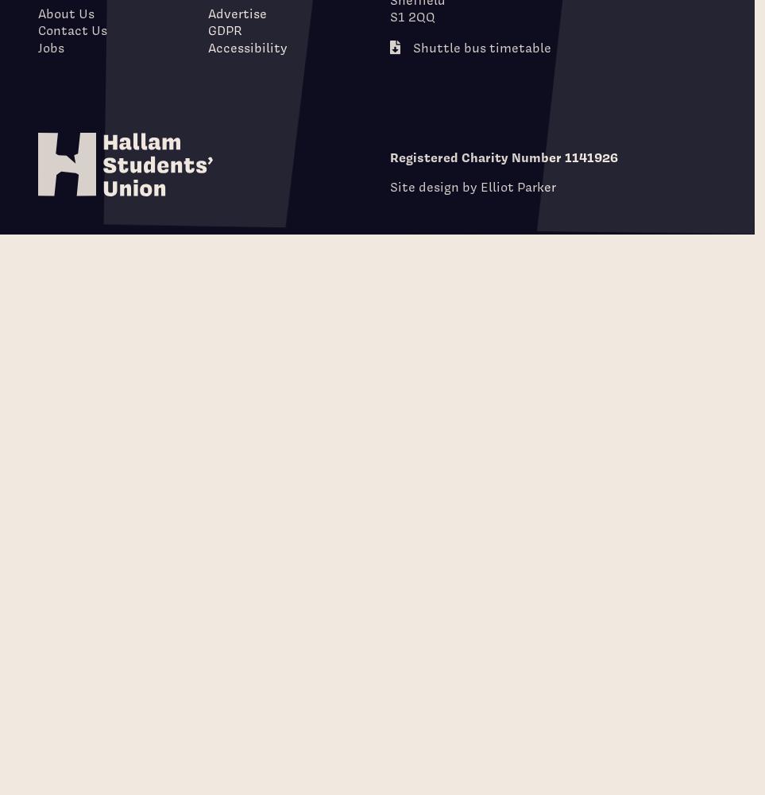  Describe the element at coordinates (517, 186) in the screenshot. I see `'Elliot Parker'` at that location.